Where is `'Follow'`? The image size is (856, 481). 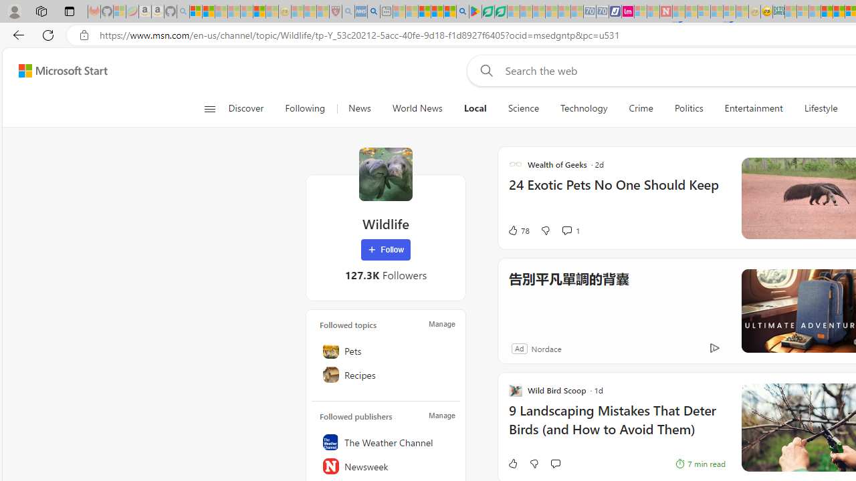
'Follow' is located at coordinates (385, 250).